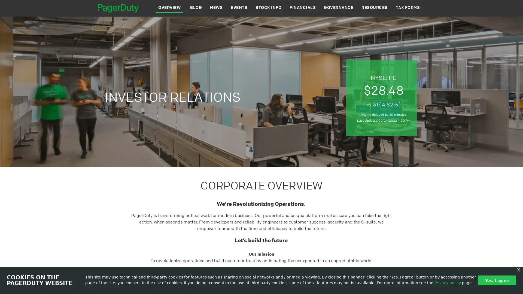 This screenshot has height=294, width=523. Describe the element at coordinates (497, 280) in the screenshot. I see `dismiss cookie message` at that location.